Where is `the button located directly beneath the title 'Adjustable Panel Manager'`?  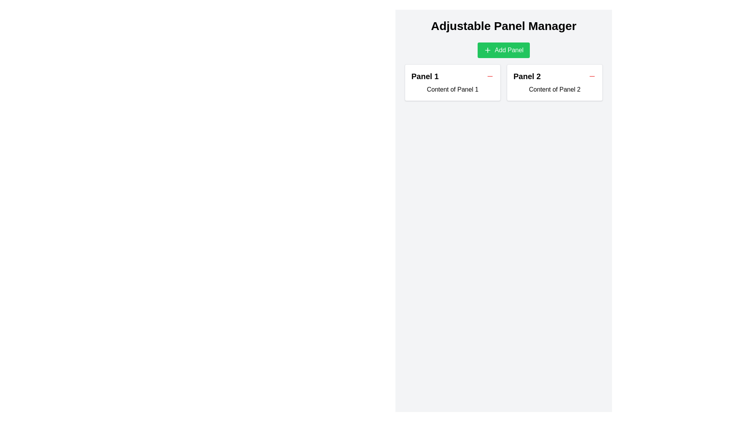
the button located directly beneath the title 'Adjustable Panel Manager' is located at coordinates (503, 50).